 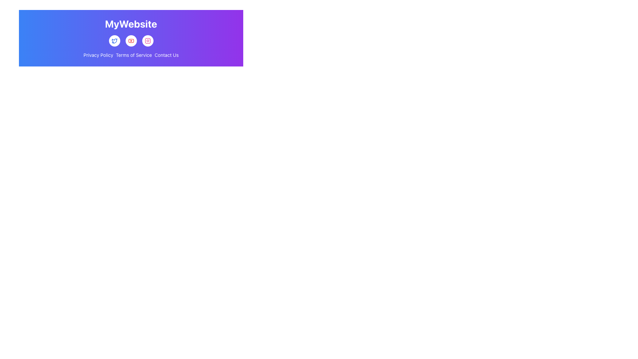 What do you see at coordinates (131, 38) in the screenshot?
I see `the links in the header banner component` at bounding box center [131, 38].